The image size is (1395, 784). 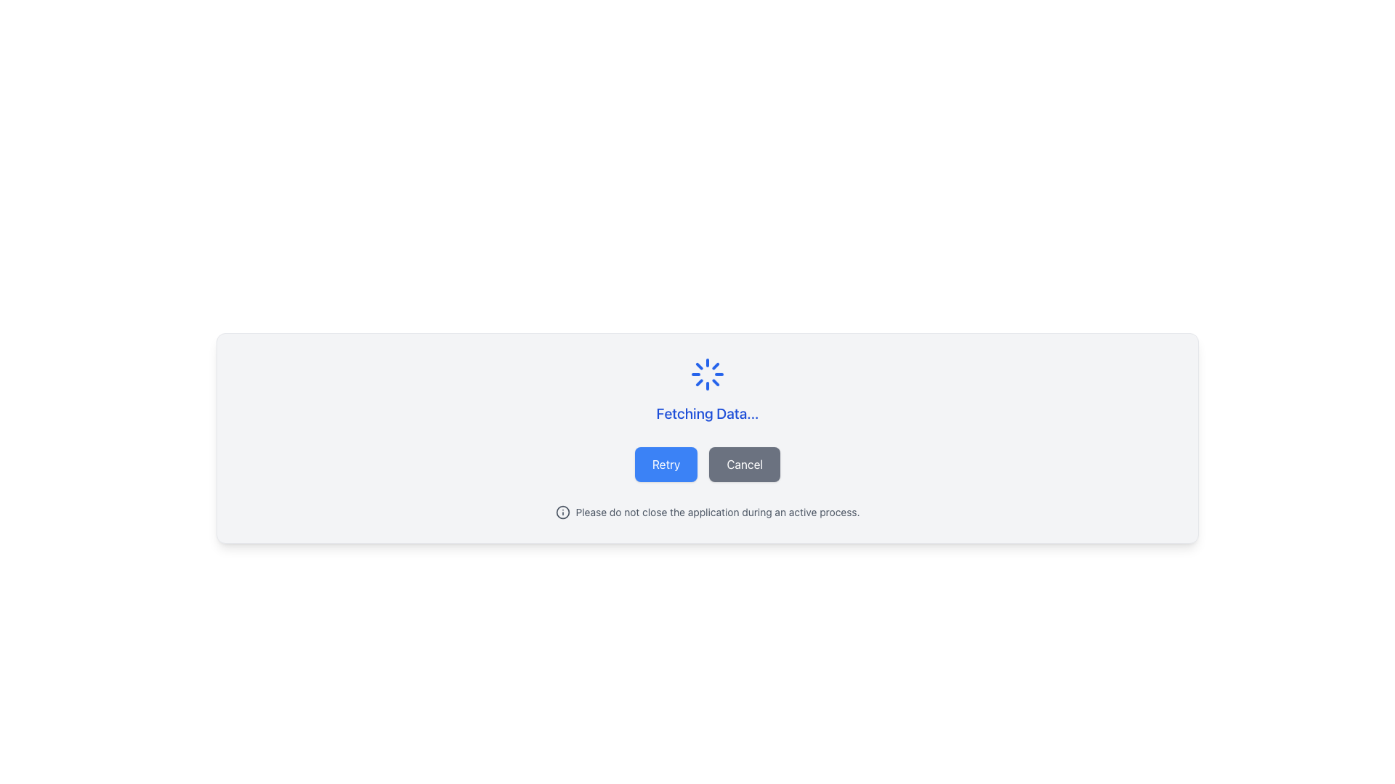 What do you see at coordinates (708, 511) in the screenshot?
I see `the informational text block warning users not to close the application while a process is active, located at the bottom of the dialog box, beneath the 'Retry' and 'Cancel' buttons` at bounding box center [708, 511].